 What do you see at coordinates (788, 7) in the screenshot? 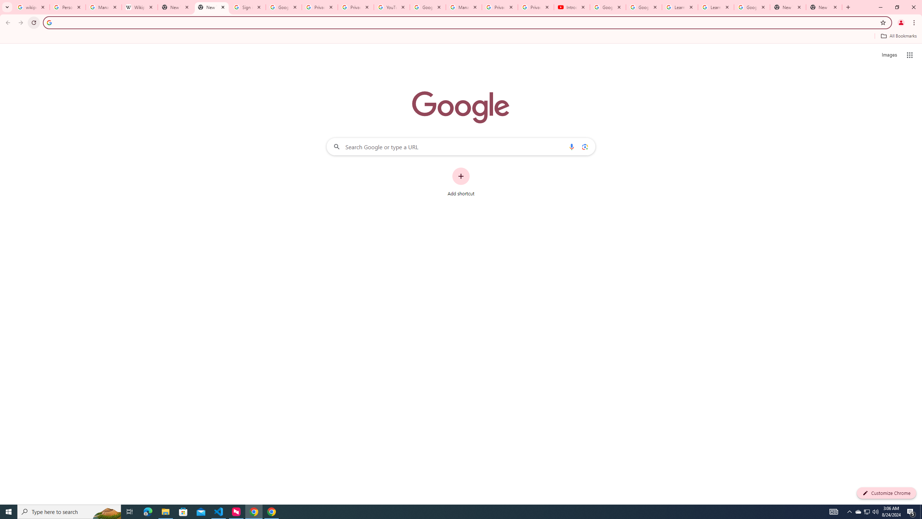
I see `'New Tab'` at bounding box center [788, 7].